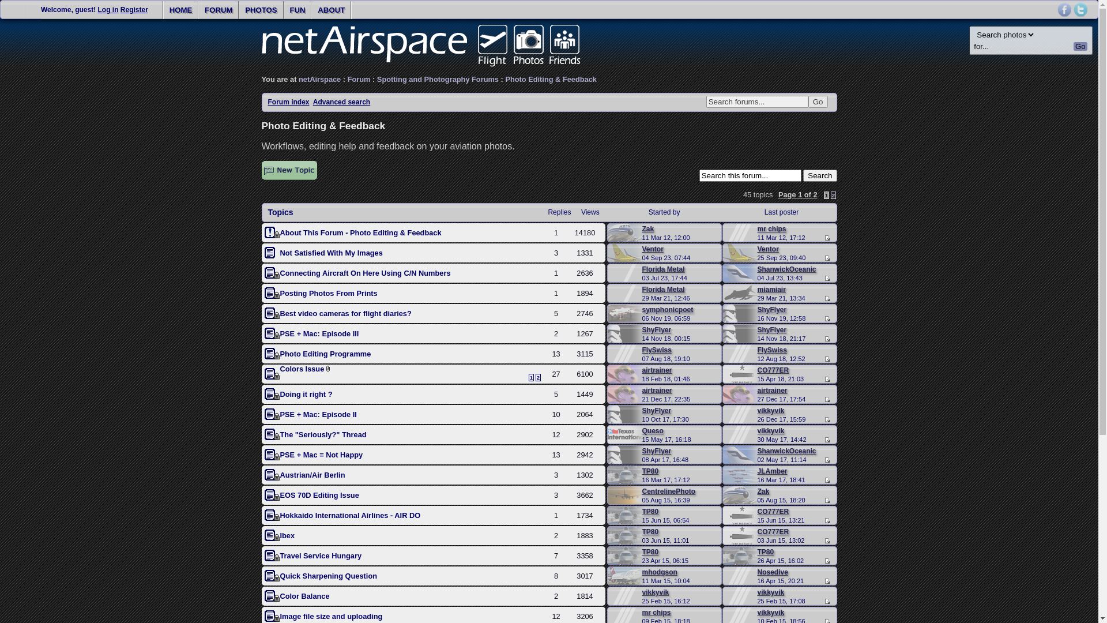 The height and width of the screenshot is (623, 1107). What do you see at coordinates (797, 194) in the screenshot?
I see `'Page 1 of 2'` at bounding box center [797, 194].